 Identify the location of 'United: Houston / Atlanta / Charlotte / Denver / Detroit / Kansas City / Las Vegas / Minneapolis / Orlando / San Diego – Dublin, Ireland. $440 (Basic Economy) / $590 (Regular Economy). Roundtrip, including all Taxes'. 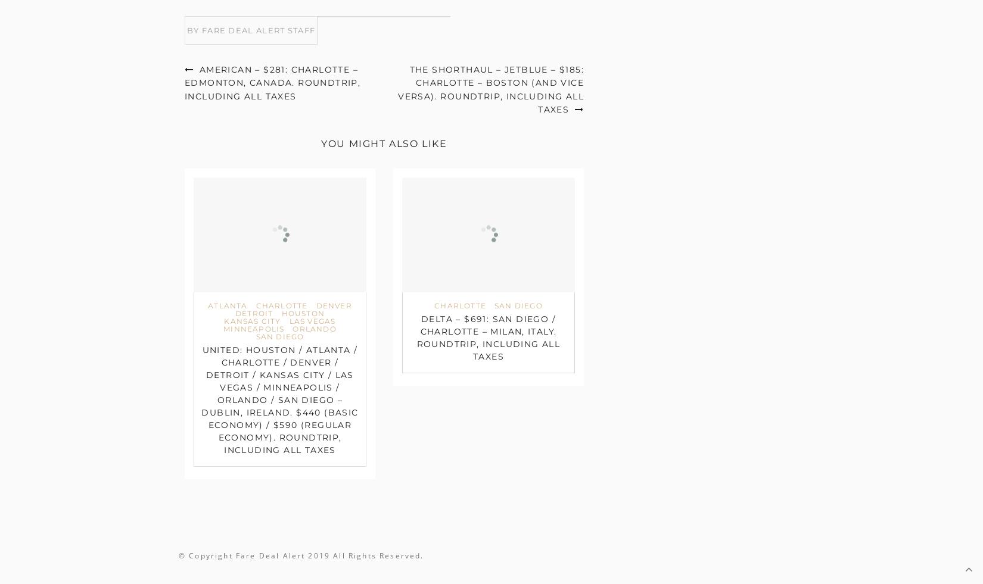
(201, 399).